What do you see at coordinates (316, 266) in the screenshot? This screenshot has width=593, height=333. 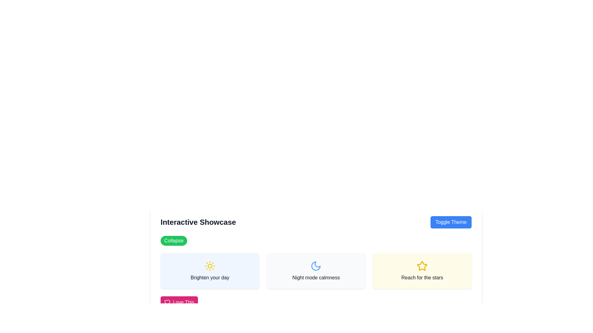 I see `the crescent moon icon styled with a blue outline, located in the second tile labeled 'Night mode calmness'` at bounding box center [316, 266].